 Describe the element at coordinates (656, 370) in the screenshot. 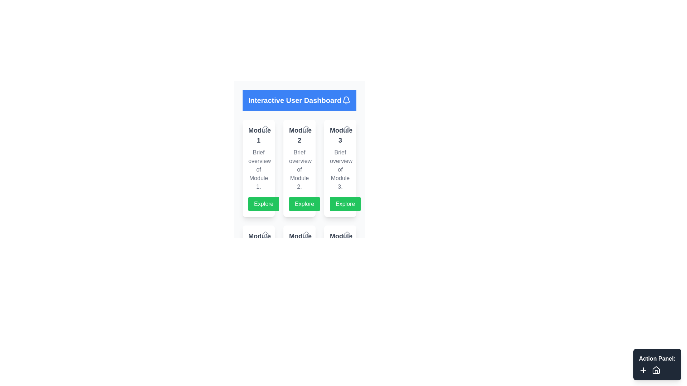

I see `the house icon located as the second icon from the left in the bottom-right Action Panel` at that location.